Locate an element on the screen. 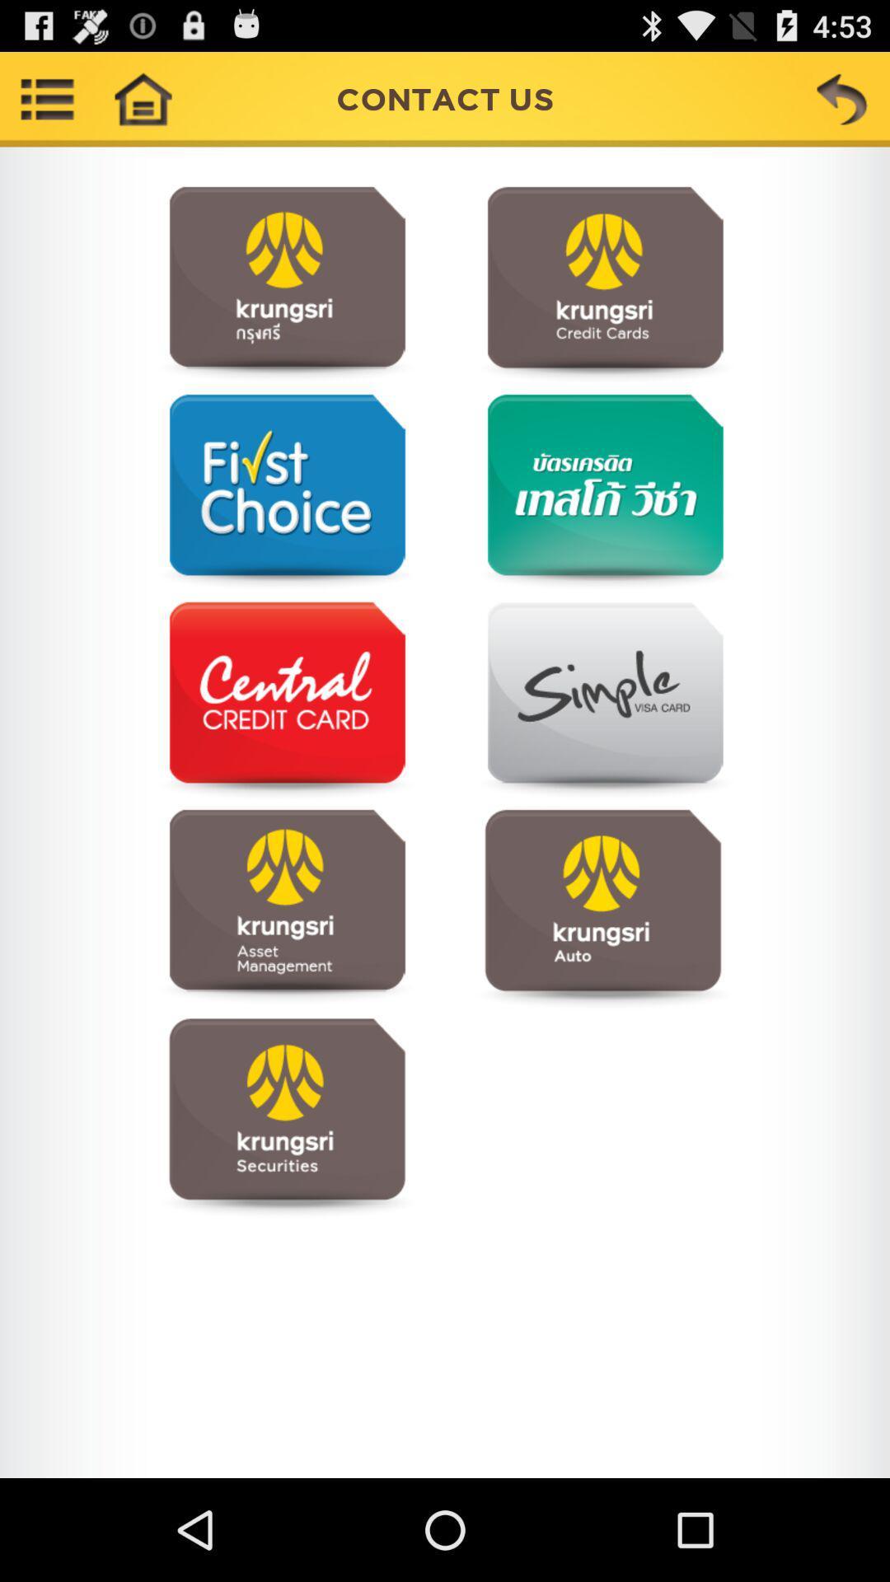 The width and height of the screenshot is (890, 1582). the item below contact us app is located at coordinates (602, 285).